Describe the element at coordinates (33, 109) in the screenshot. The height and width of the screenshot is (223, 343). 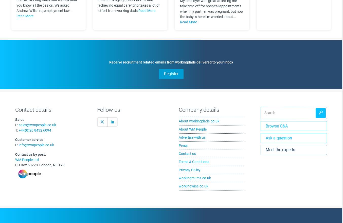
I see `'Contact details'` at that location.